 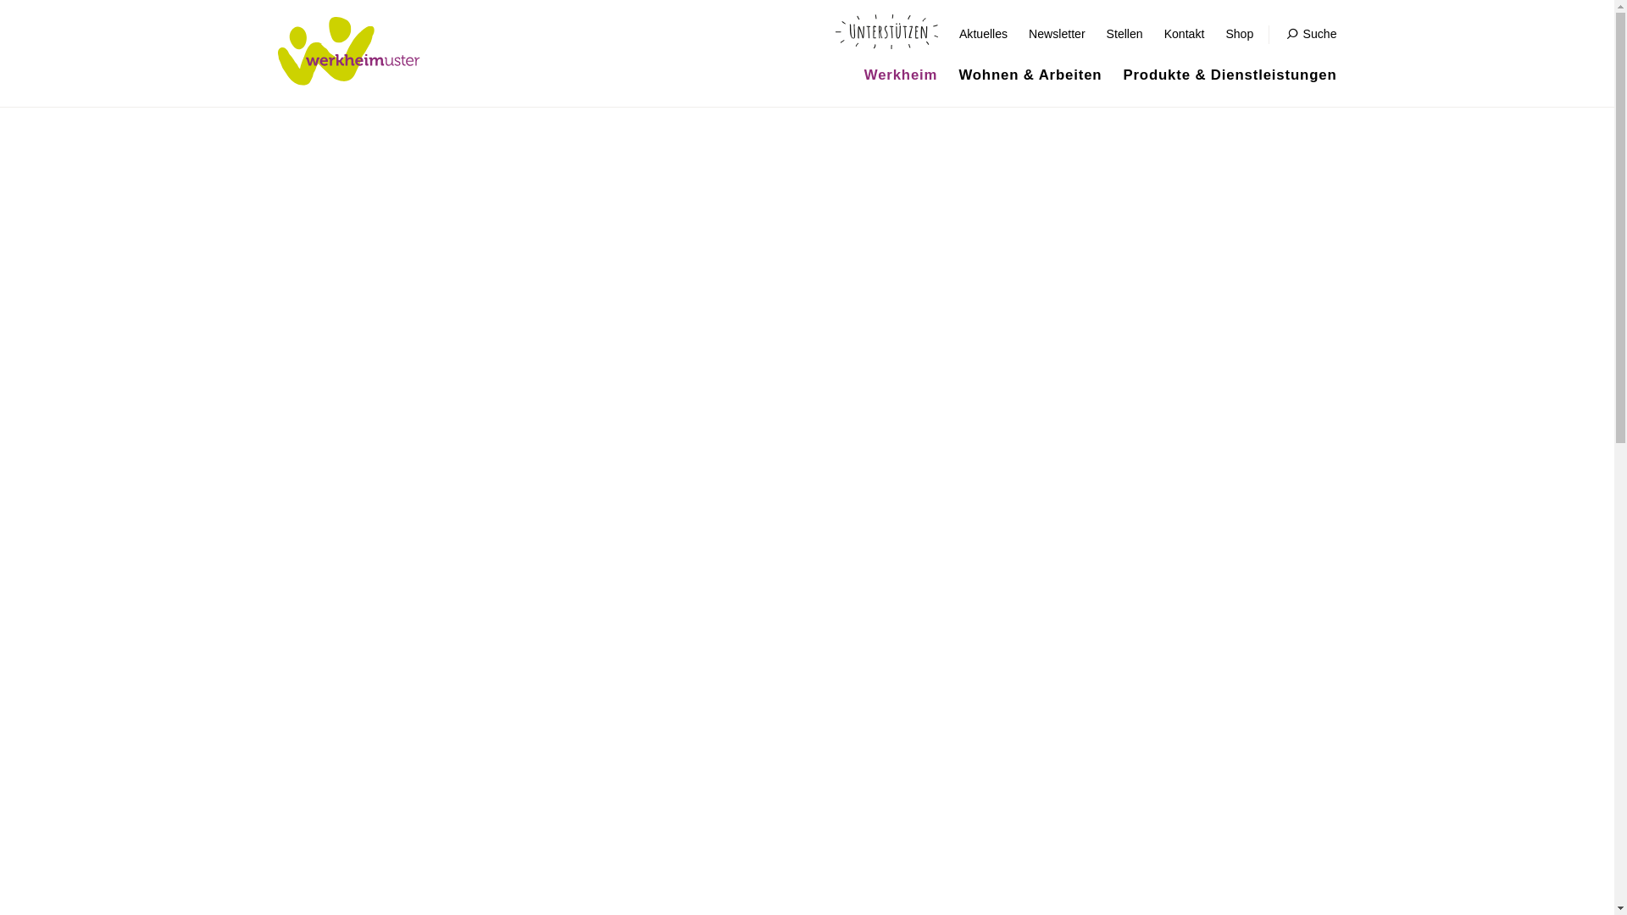 What do you see at coordinates (958, 74) in the screenshot?
I see `'Wohnen & Arbeiten'` at bounding box center [958, 74].